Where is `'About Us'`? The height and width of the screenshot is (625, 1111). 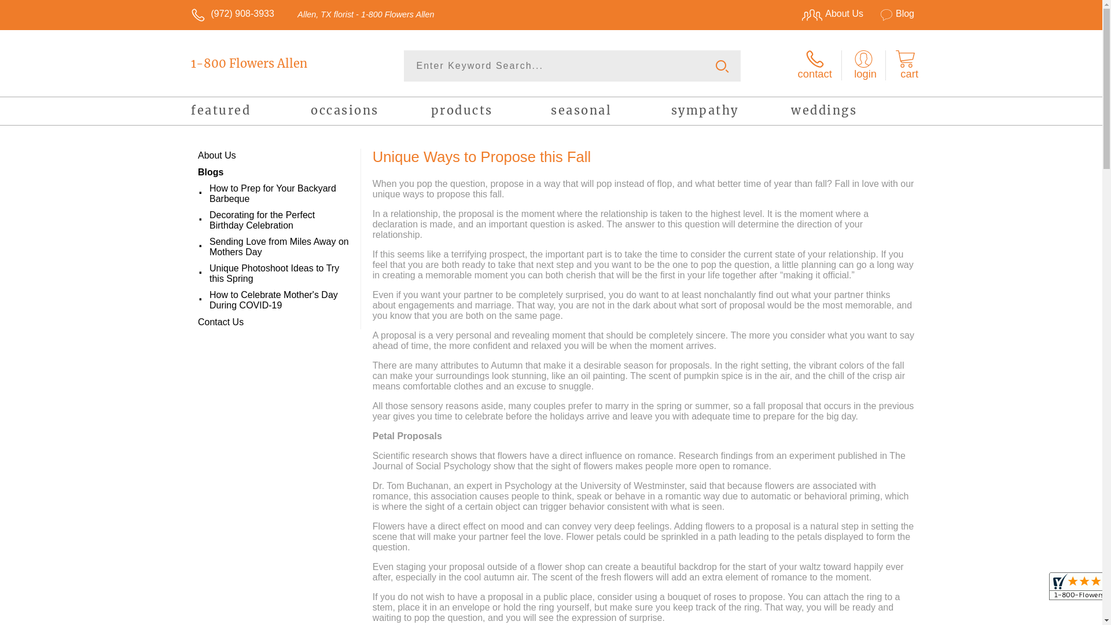 'About Us' is located at coordinates (787, 13).